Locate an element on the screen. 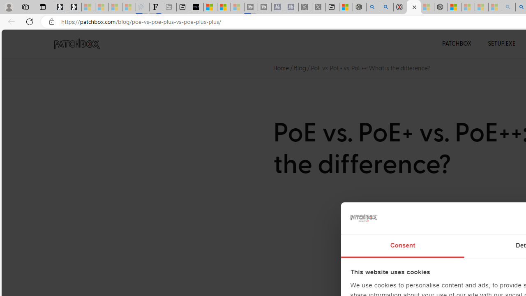  'Blog' is located at coordinates (300, 67).